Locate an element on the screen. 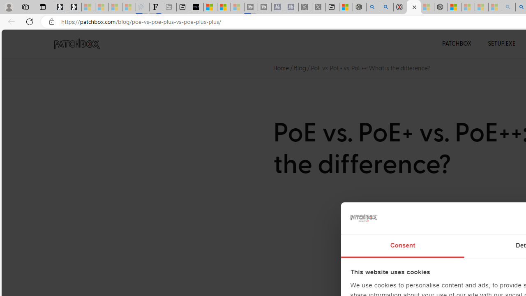  'Blog' is located at coordinates (300, 67).